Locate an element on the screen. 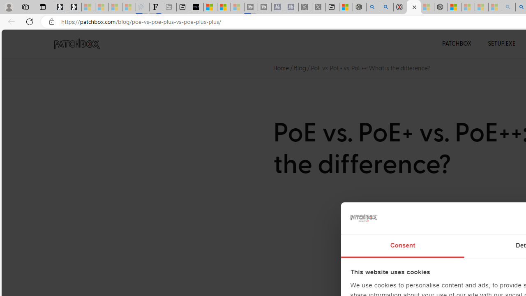  'Blog' is located at coordinates (300, 67).